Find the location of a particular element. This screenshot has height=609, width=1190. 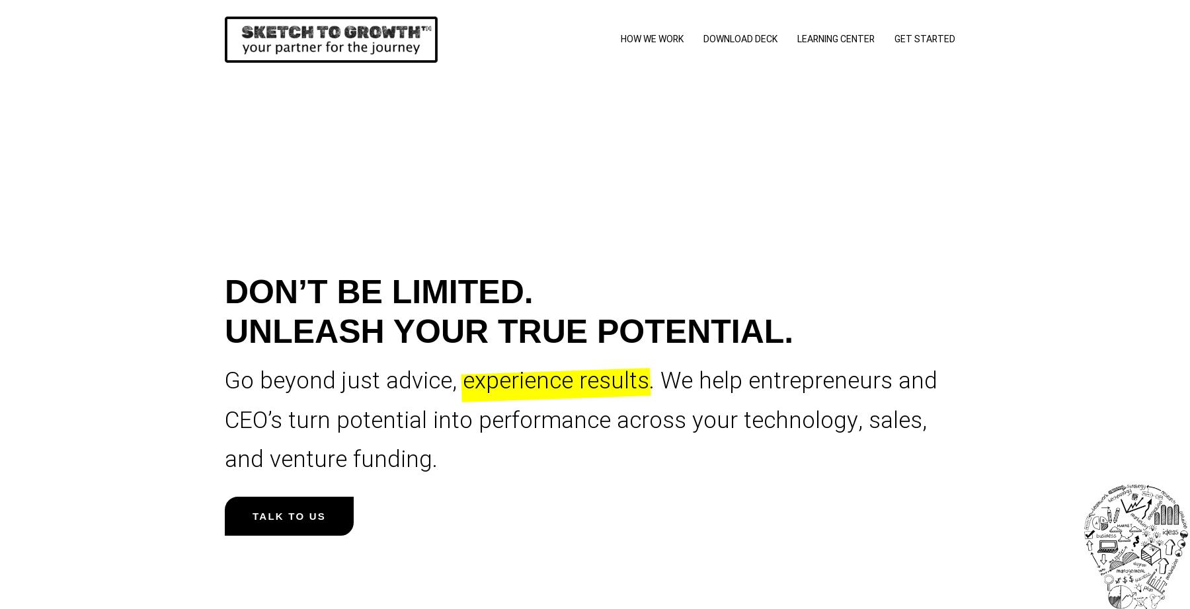

'Don’t be limited.' is located at coordinates (378, 291).